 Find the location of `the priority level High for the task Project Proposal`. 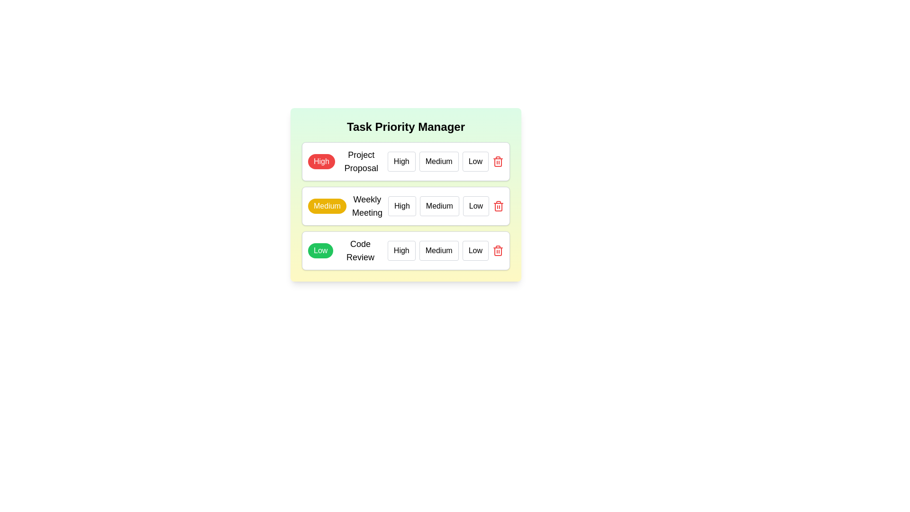

the priority level High for the task Project Proposal is located at coordinates (401, 161).